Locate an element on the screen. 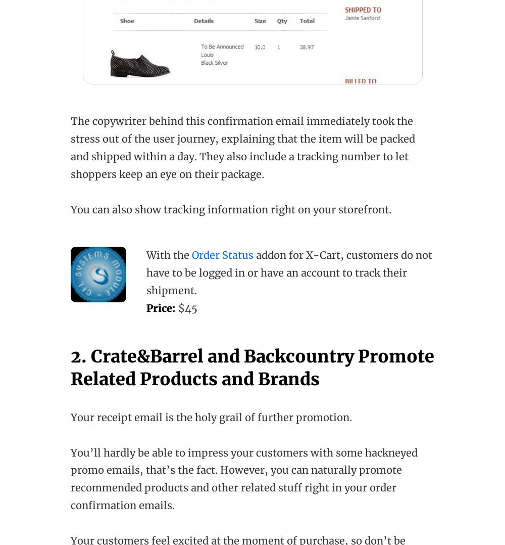 This screenshot has width=505, height=545. 'Your receipt email is the holy grail of further promotion.' is located at coordinates (71, 417).